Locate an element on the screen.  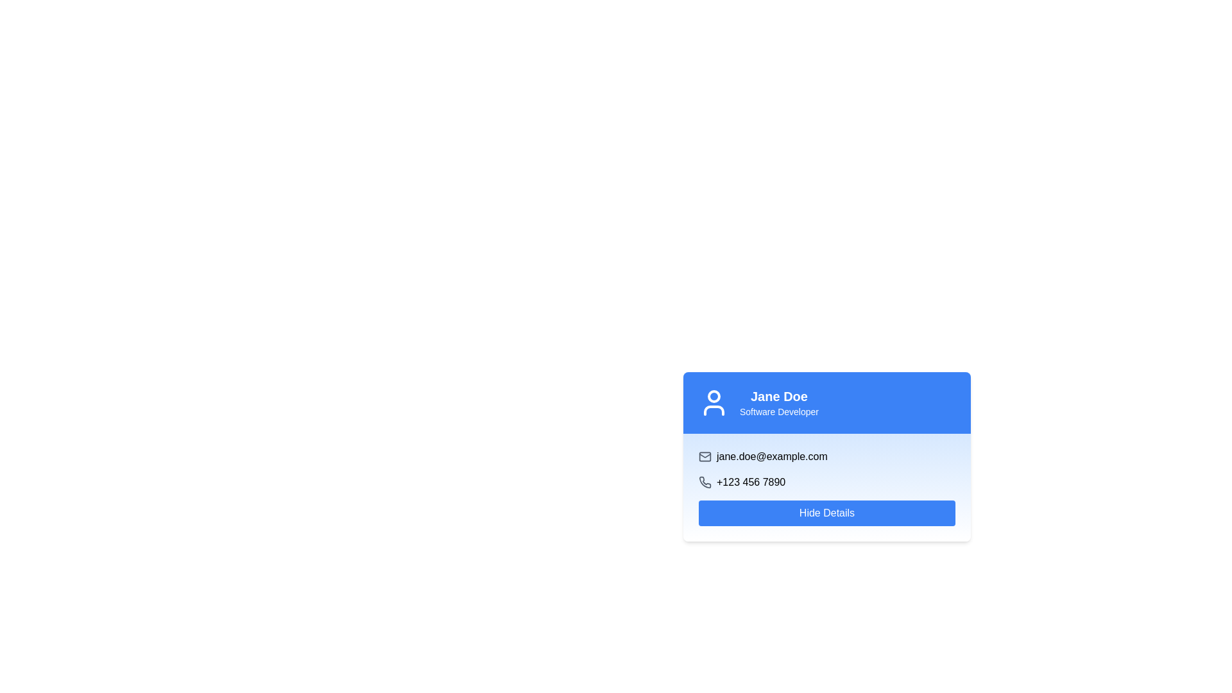
the phone number text element '+123 456 7890' located in the lower section of the user profile card, adjacent to the phone icon is located at coordinates (751, 483).